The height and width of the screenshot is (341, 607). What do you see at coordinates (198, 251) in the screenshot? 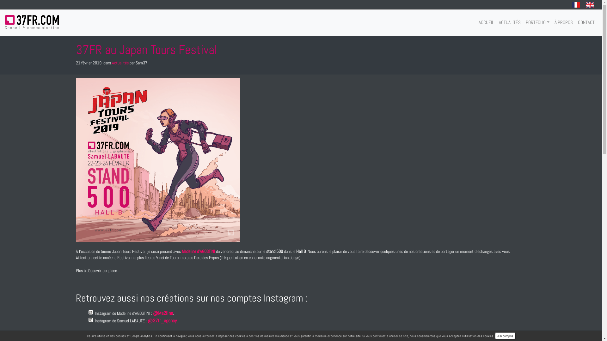
I see `'Madeline d'AGOSTINI'` at bounding box center [198, 251].